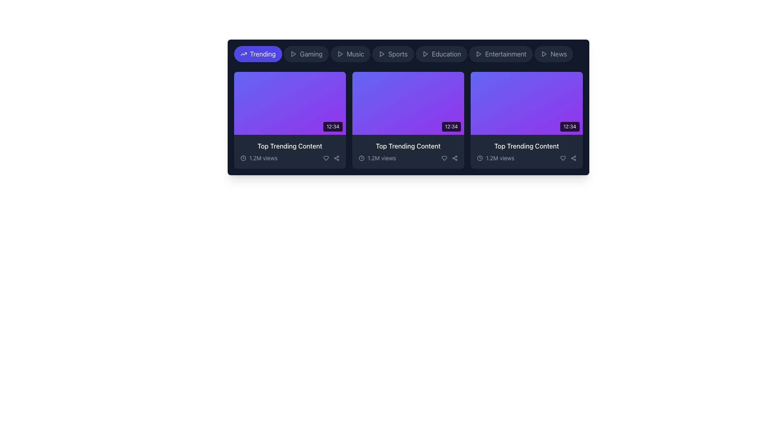  What do you see at coordinates (243, 54) in the screenshot?
I see `the graphic icon representing a symbolic upward trend located to the left of the 'Trending' label in the horizontal menu bar at the top of the interface` at bounding box center [243, 54].